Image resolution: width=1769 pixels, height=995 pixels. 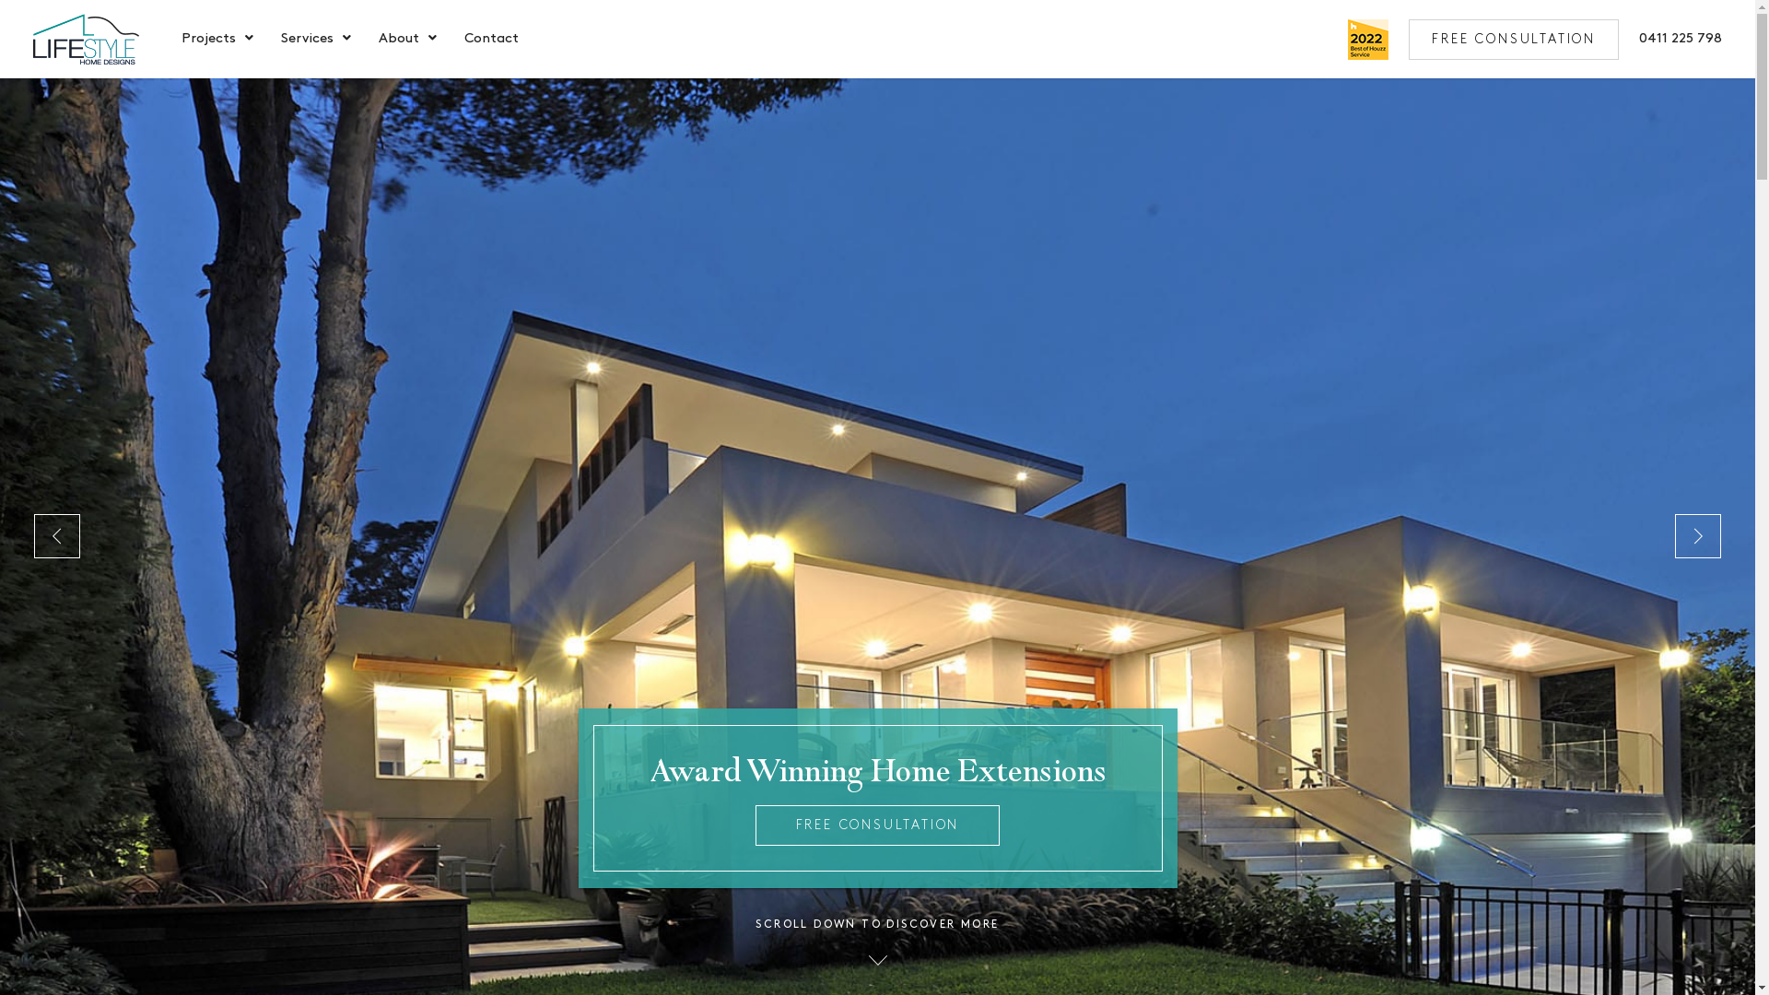 What do you see at coordinates (397, 40) in the screenshot?
I see `'About'` at bounding box center [397, 40].